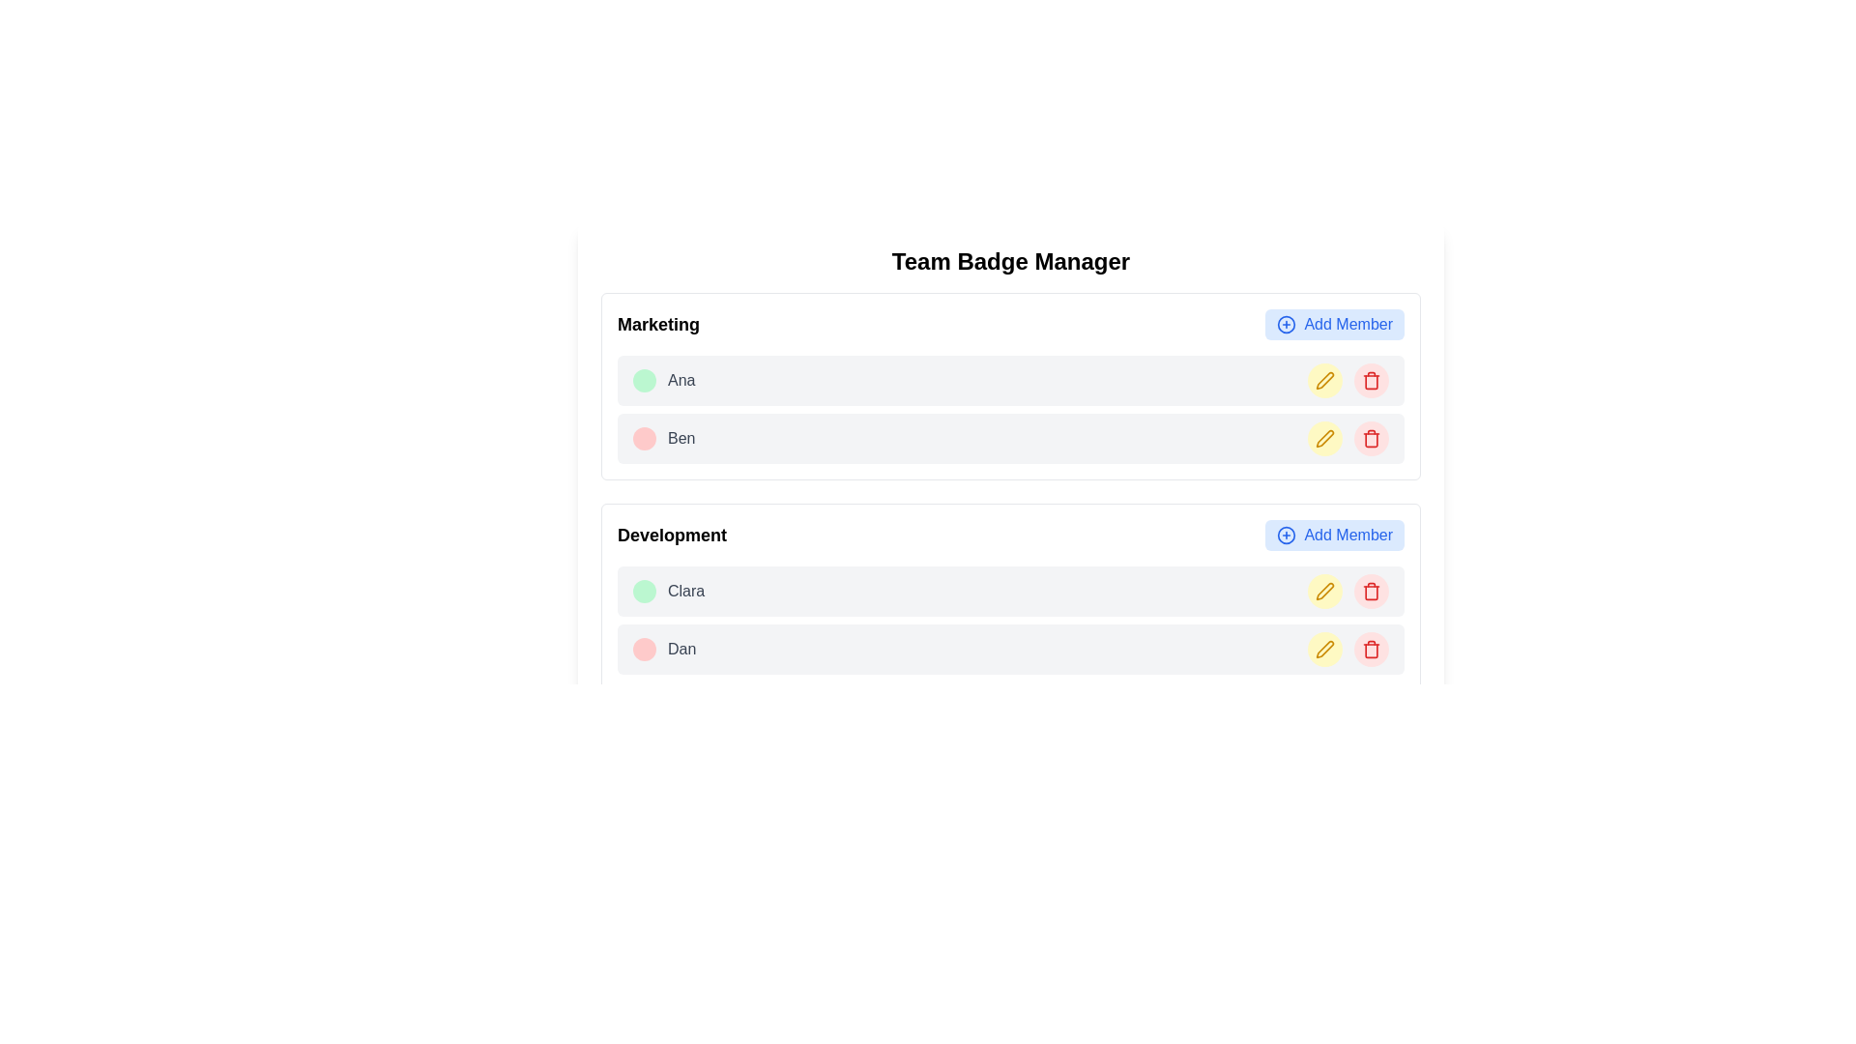 The image size is (1856, 1044). What do you see at coordinates (1324, 591) in the screenshot?
I see `the circular button with a yellow background and a pen icon, which is the second button from the left in the 'Development' section` at bounding box center [1324, 591].